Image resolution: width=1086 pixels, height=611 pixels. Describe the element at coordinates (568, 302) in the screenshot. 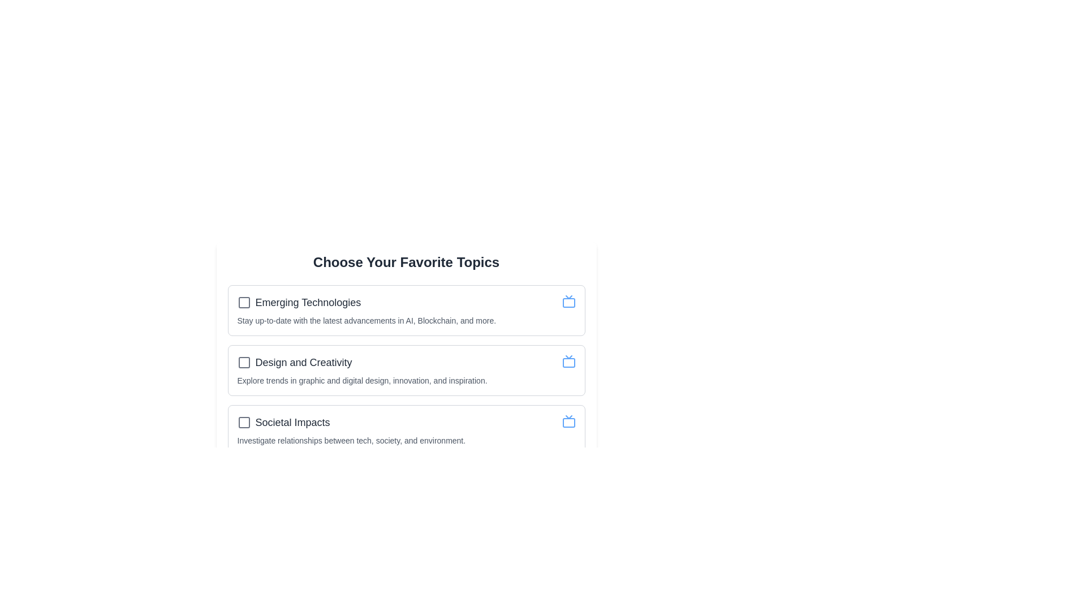

I see `the visual graphical component that is part of the TV icon located in the top-right section of the 'Emerging Technologies' option card` at that location.